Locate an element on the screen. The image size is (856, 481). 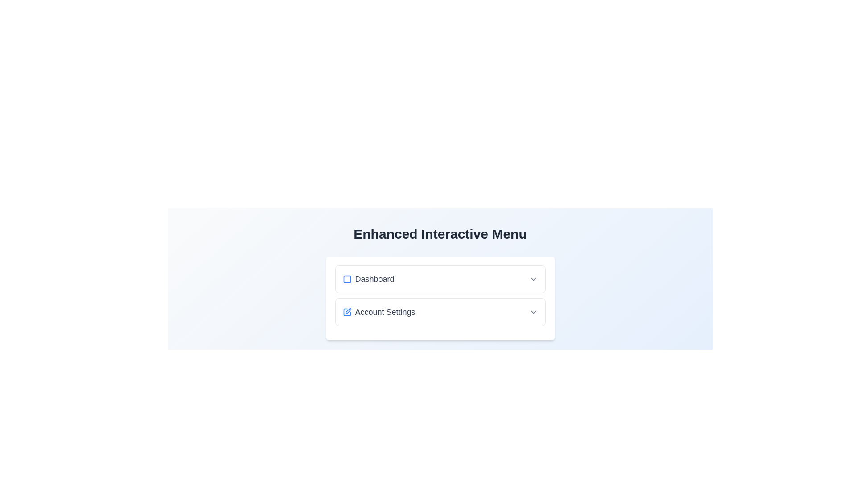
the downward-pointing gray chevron icon located to the right of the 'Dashboard' label is located at coordinates (533, 279).